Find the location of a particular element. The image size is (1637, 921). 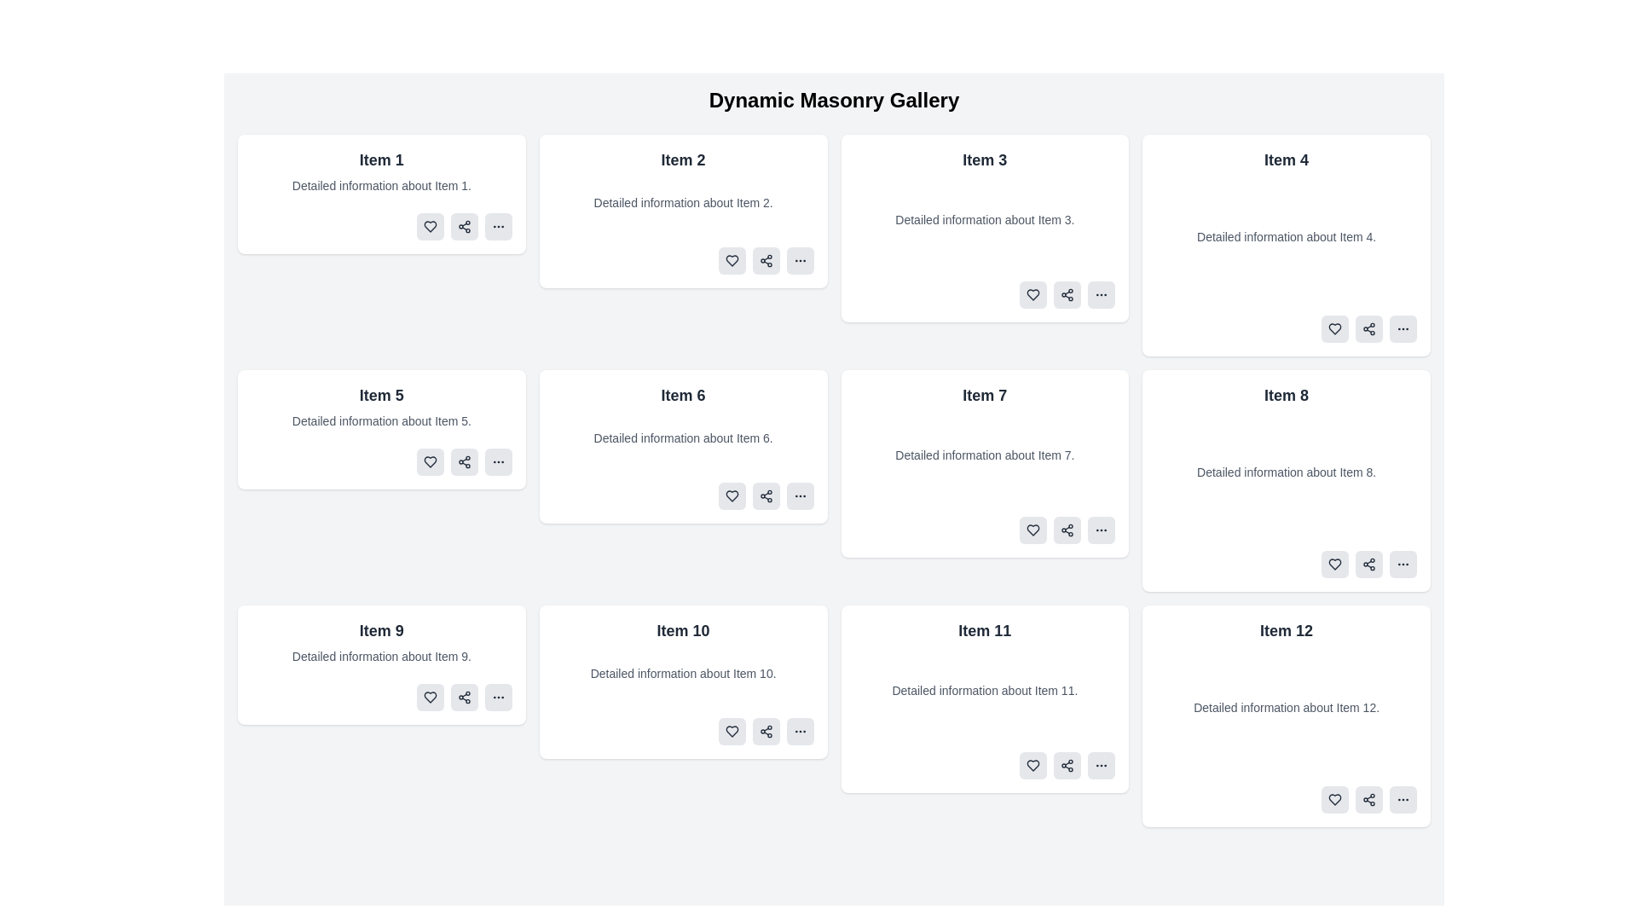

the third button with a gray background and rounded corners containing a three-dot icon, located in the action section below 'Item 9' for accessibility navigation is located at coordinates (497, 697).